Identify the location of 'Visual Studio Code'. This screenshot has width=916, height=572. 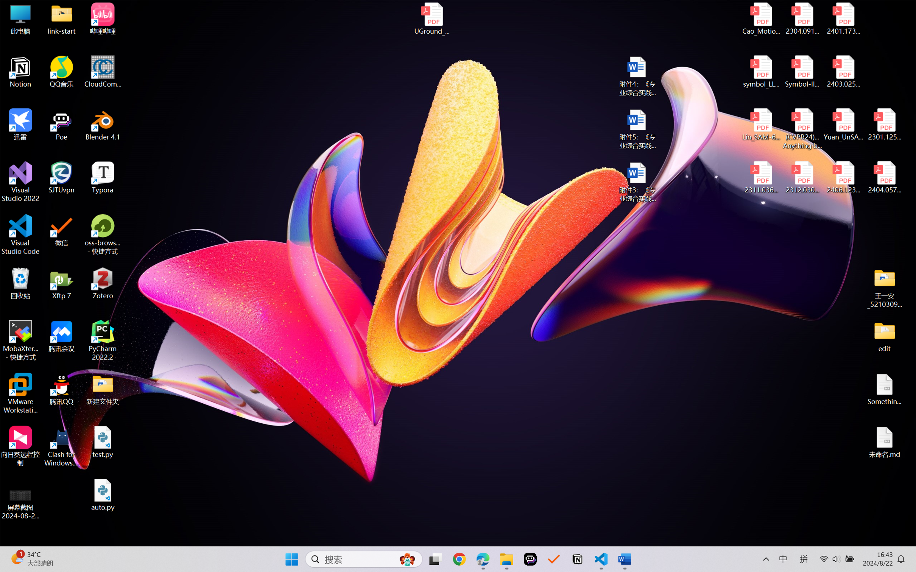
(20, 234).